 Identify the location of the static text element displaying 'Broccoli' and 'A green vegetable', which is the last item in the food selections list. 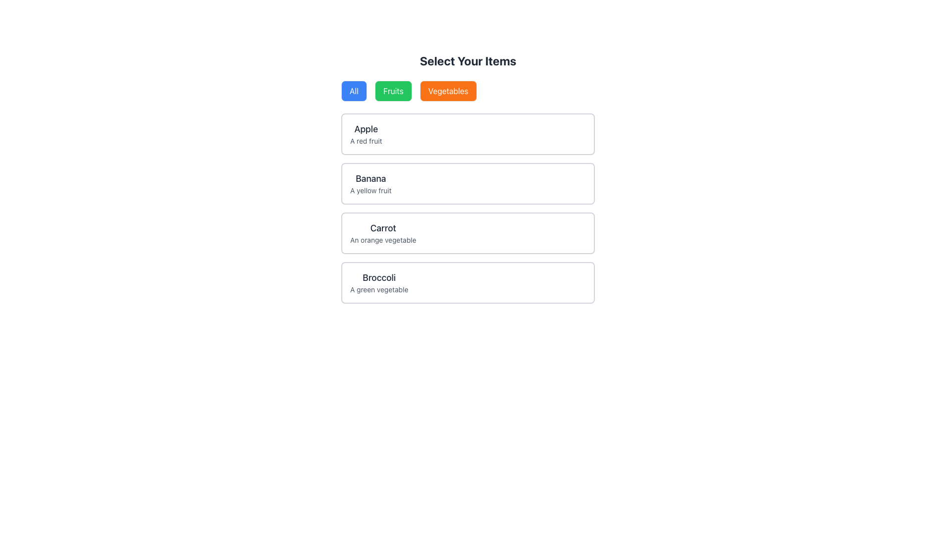
(378, 282).